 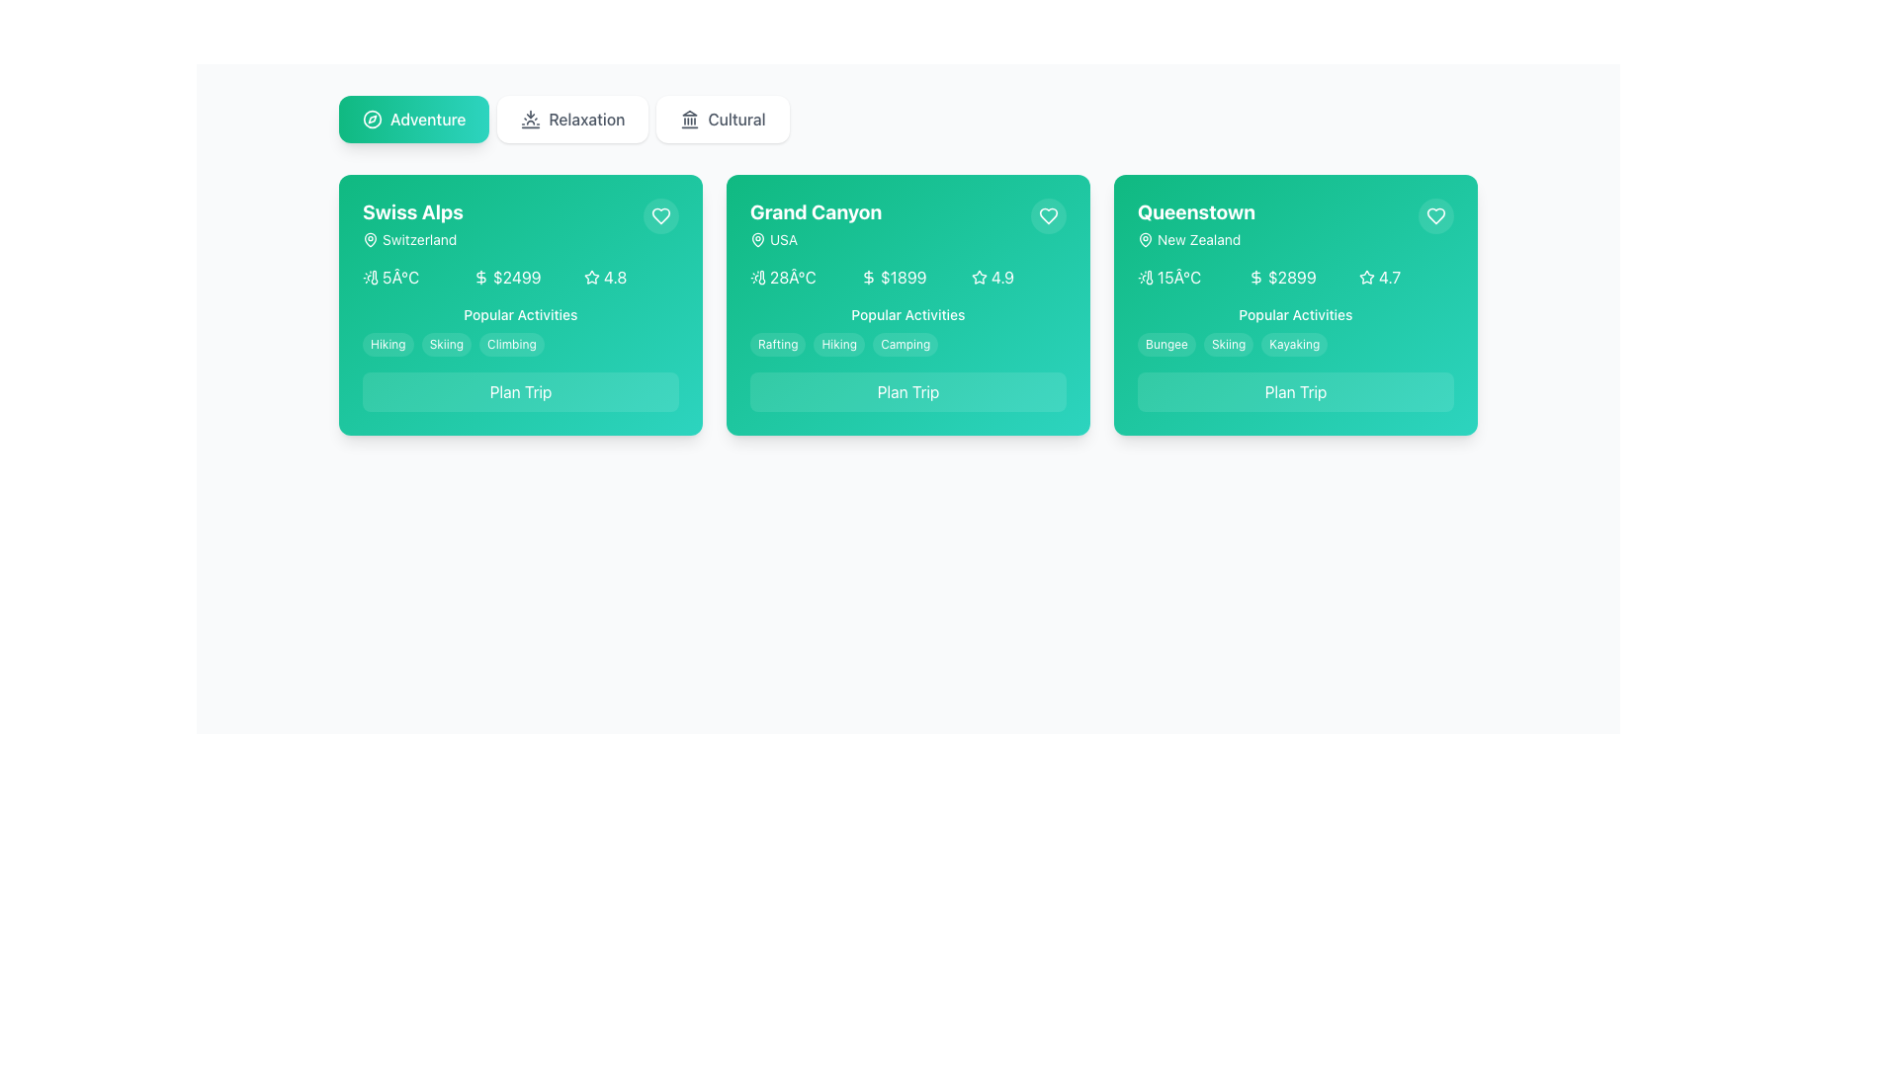 What do you see at coordinates (1295, 278) in the screenshot?
I see `the Informational Panel displaying temperature, price, and rating, located centrally within the 'Queenstown' card` at bounding box center [1295, 278].